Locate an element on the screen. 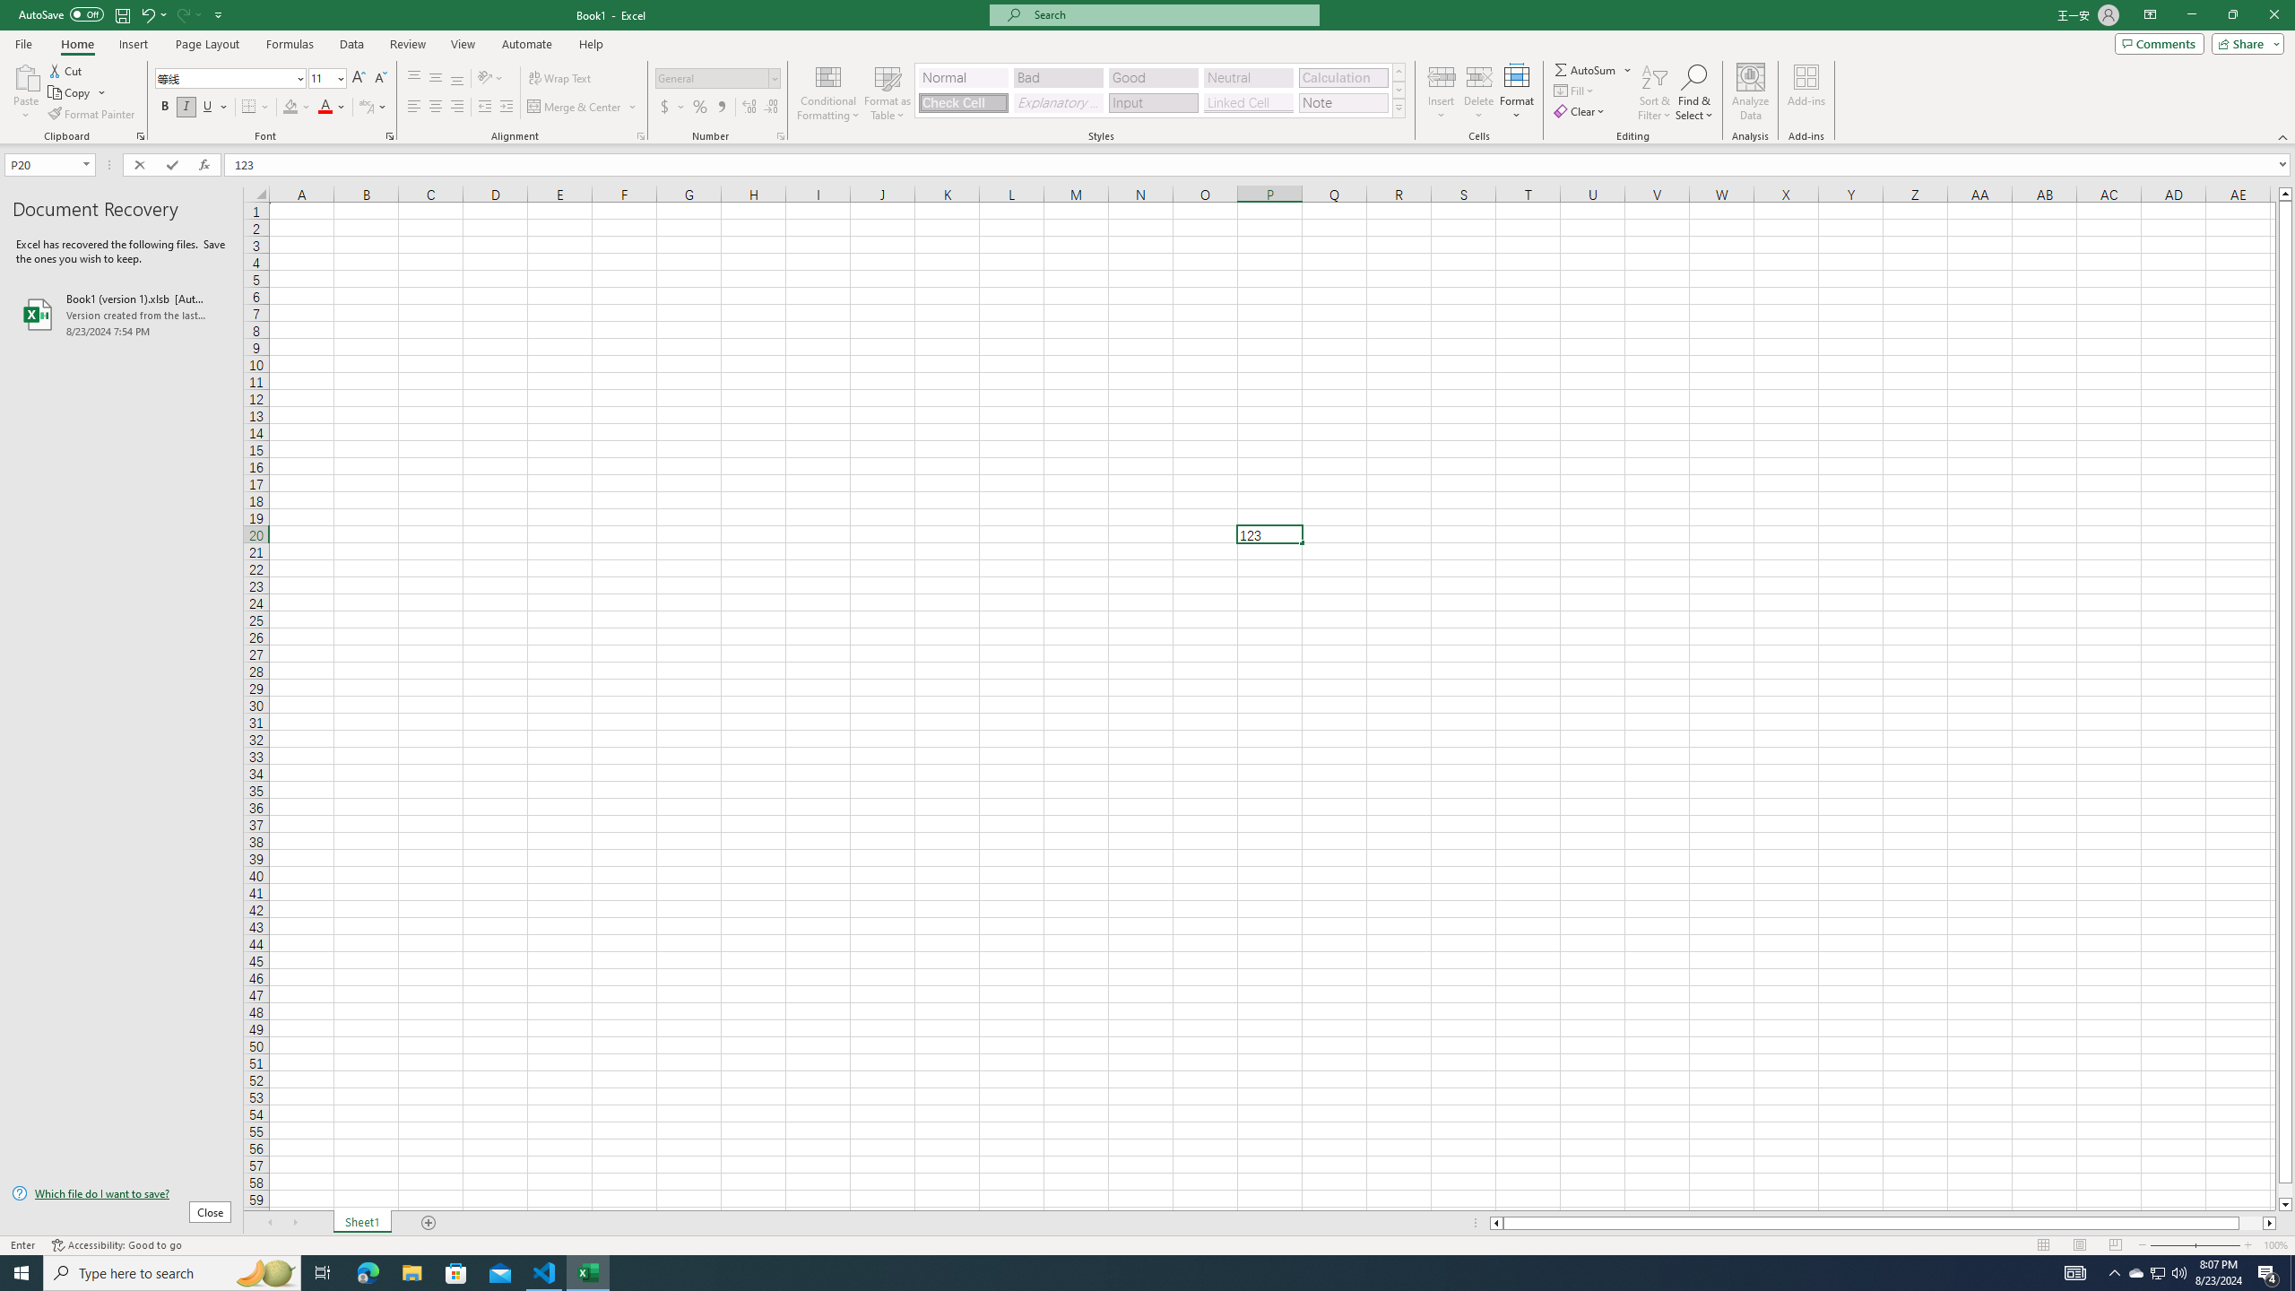 Image resolution: width=2295 pixels, height=1291 pixels. 'Format Cell Font' is located at coordinates (390, 134).